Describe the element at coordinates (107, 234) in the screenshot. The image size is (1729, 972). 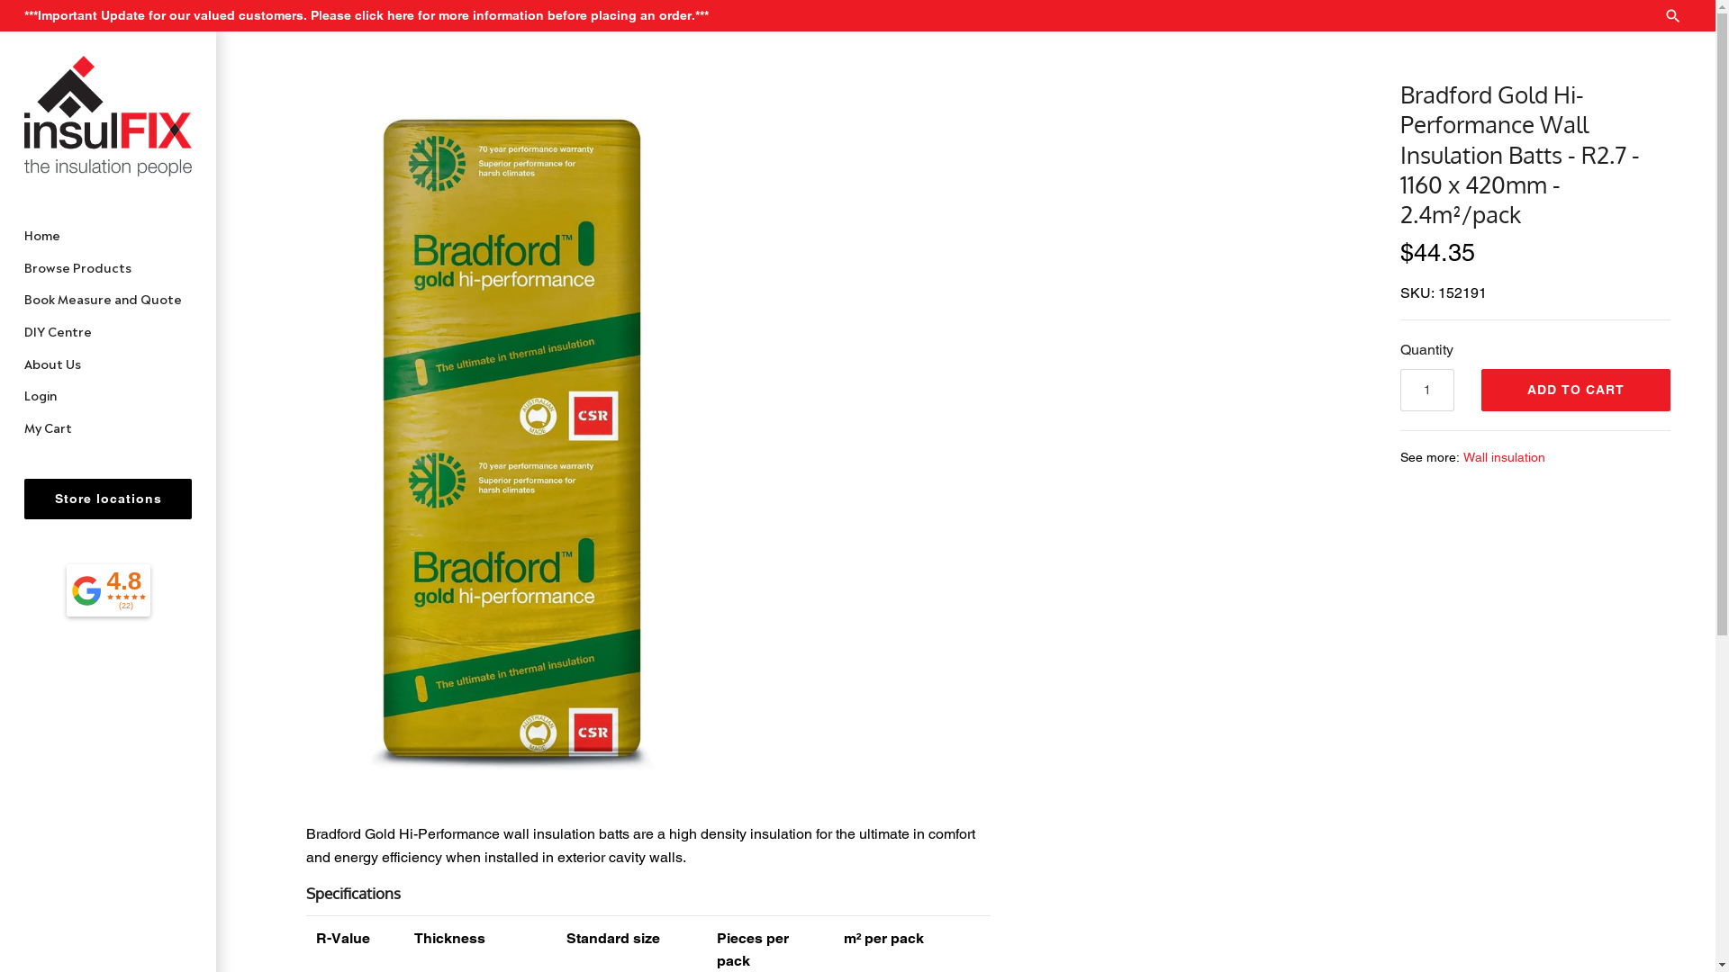
I see `'Home'` at that location.